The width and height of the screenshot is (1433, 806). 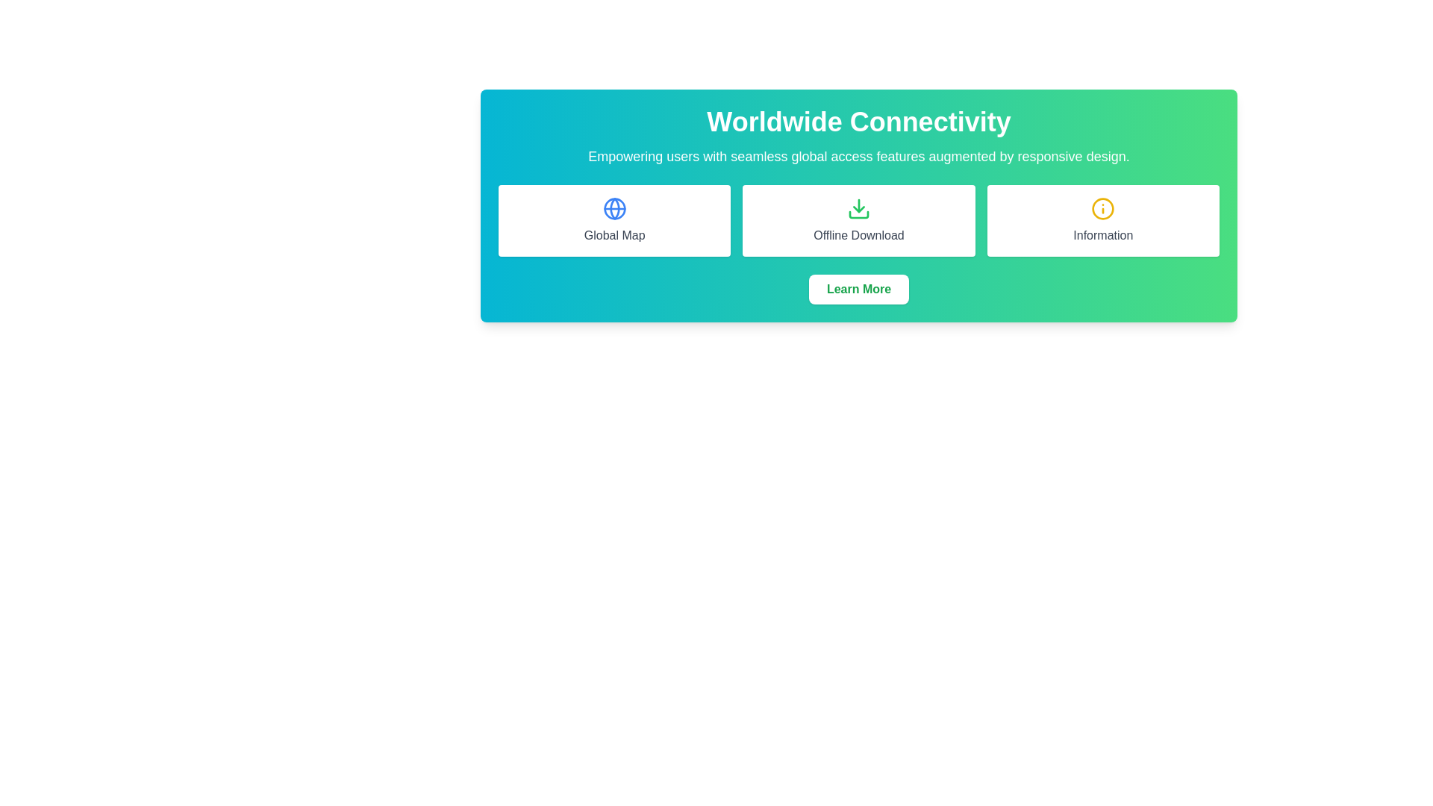 I want to click on text from the 'Worldwide Connectivity' section which includes the bold headline and the descriptive text below it, all centered within a gradient background, so click(x=859, y=137).